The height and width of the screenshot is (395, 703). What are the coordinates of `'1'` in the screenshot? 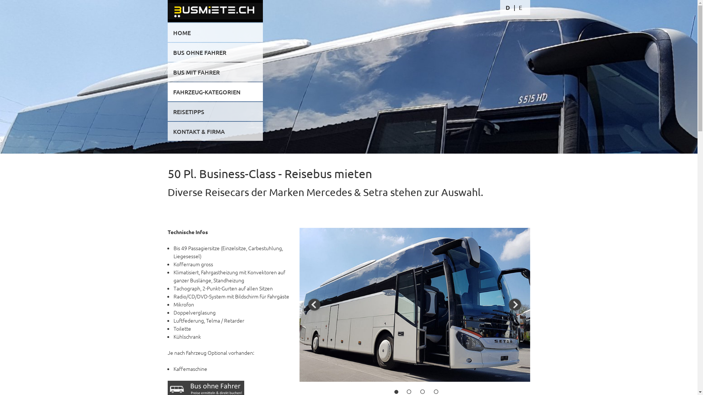 It's located at (395, 391).